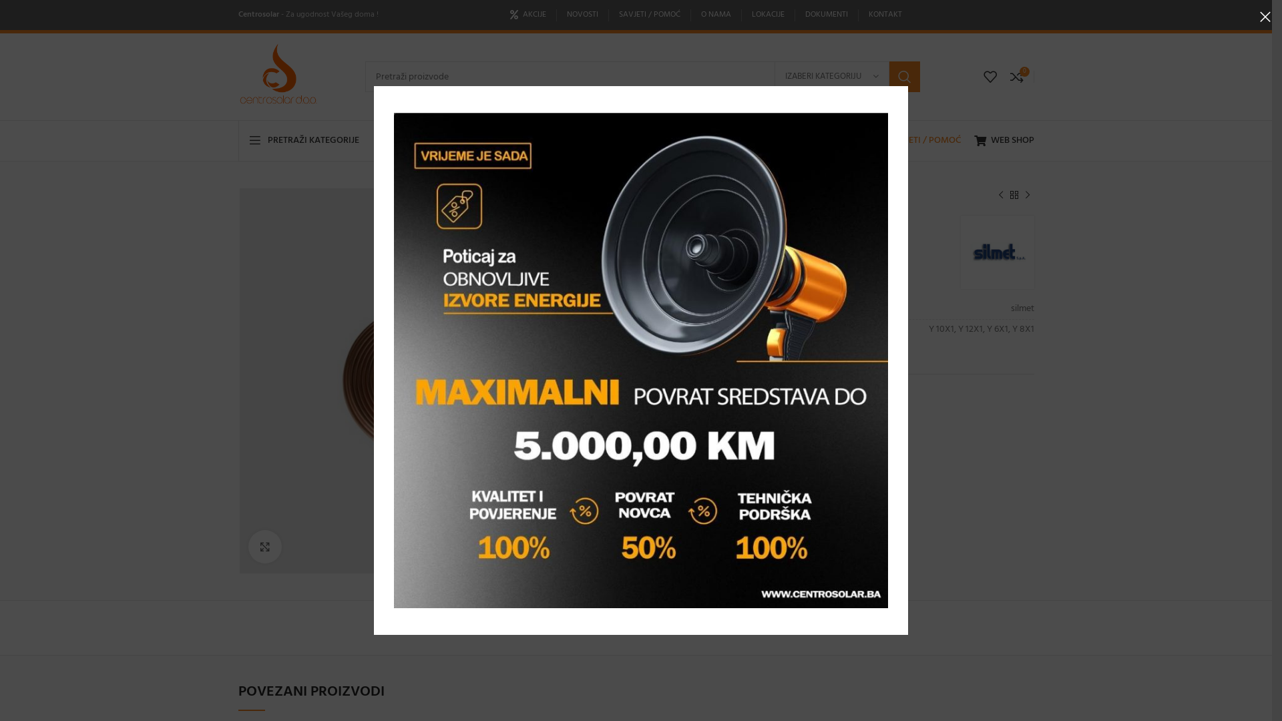 This screenshot has width=1282, height=721. What do you see at coordinates (1015, 77) in the screenshot?
I see `'0'` at bounding box center [1015, 77].